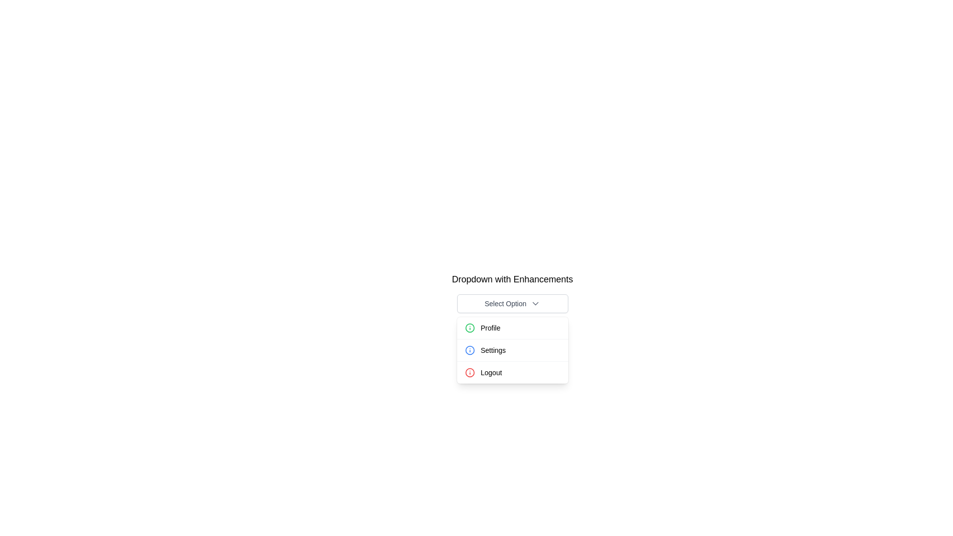 The width and height of the screenshot is (953, 536). What do you see at coordinates (491, 373) in the screenshot?
I see `the 'Logout' text label in the dropdown menu, which is the third item following 'Profile' and 'Settings', located to the right of a red warning icon` at bounding box center [491, 373].